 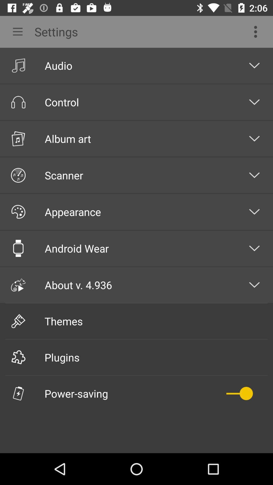 What do you see at coordinates (257, 31) in the screenshot?
I see `the item next to the settings item` at bounding box center [257, 31].